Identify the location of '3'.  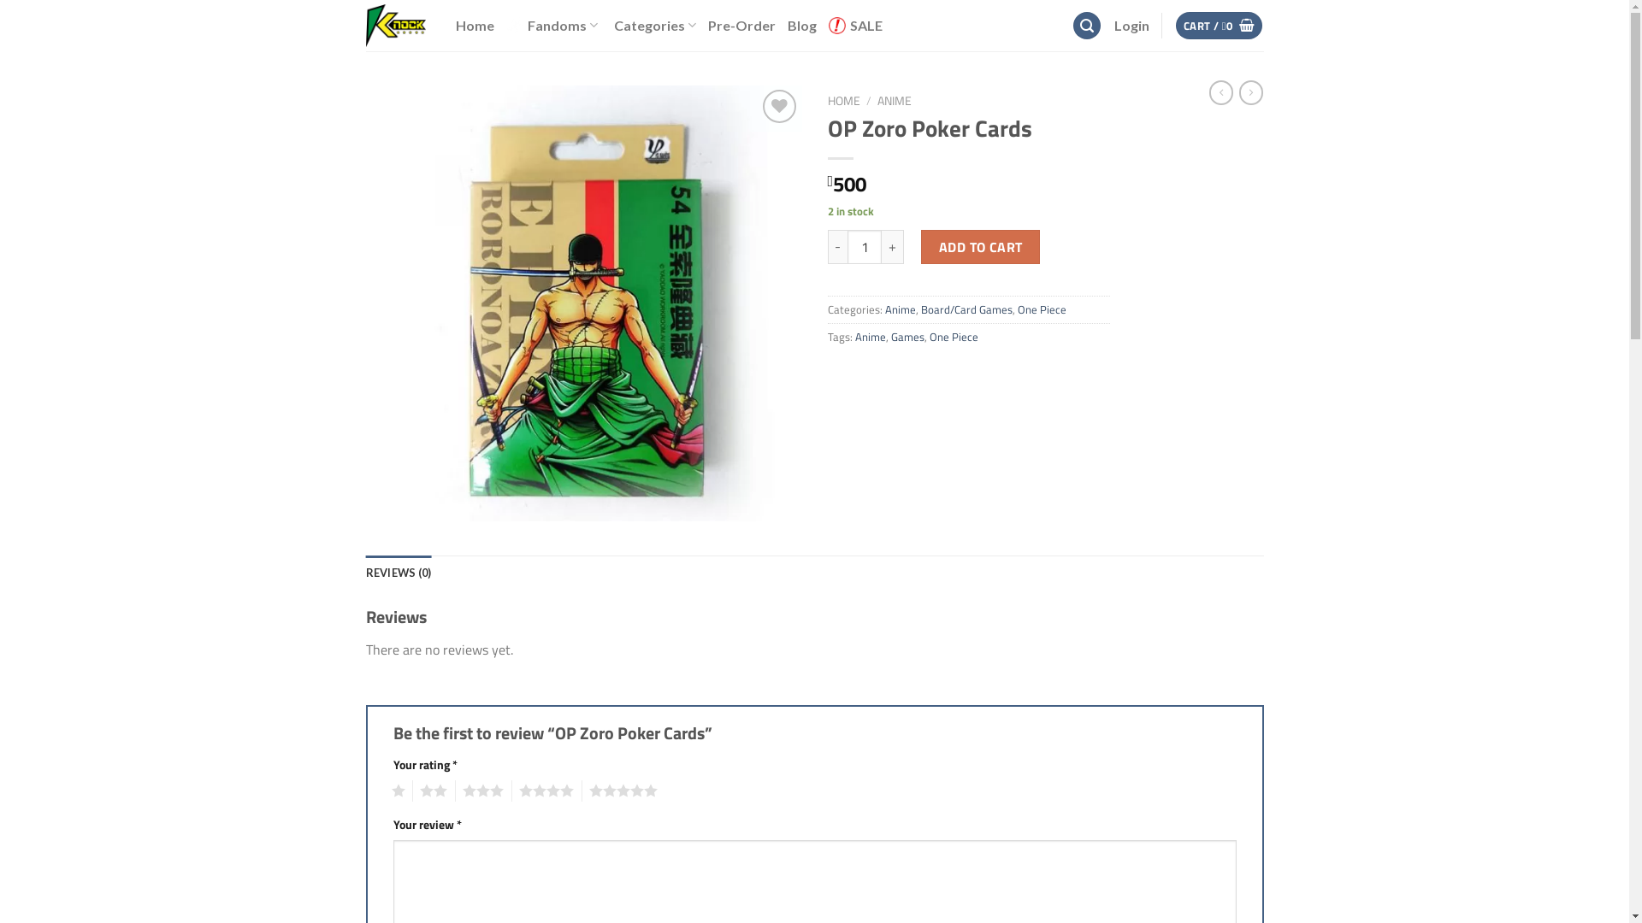
(479, 791).